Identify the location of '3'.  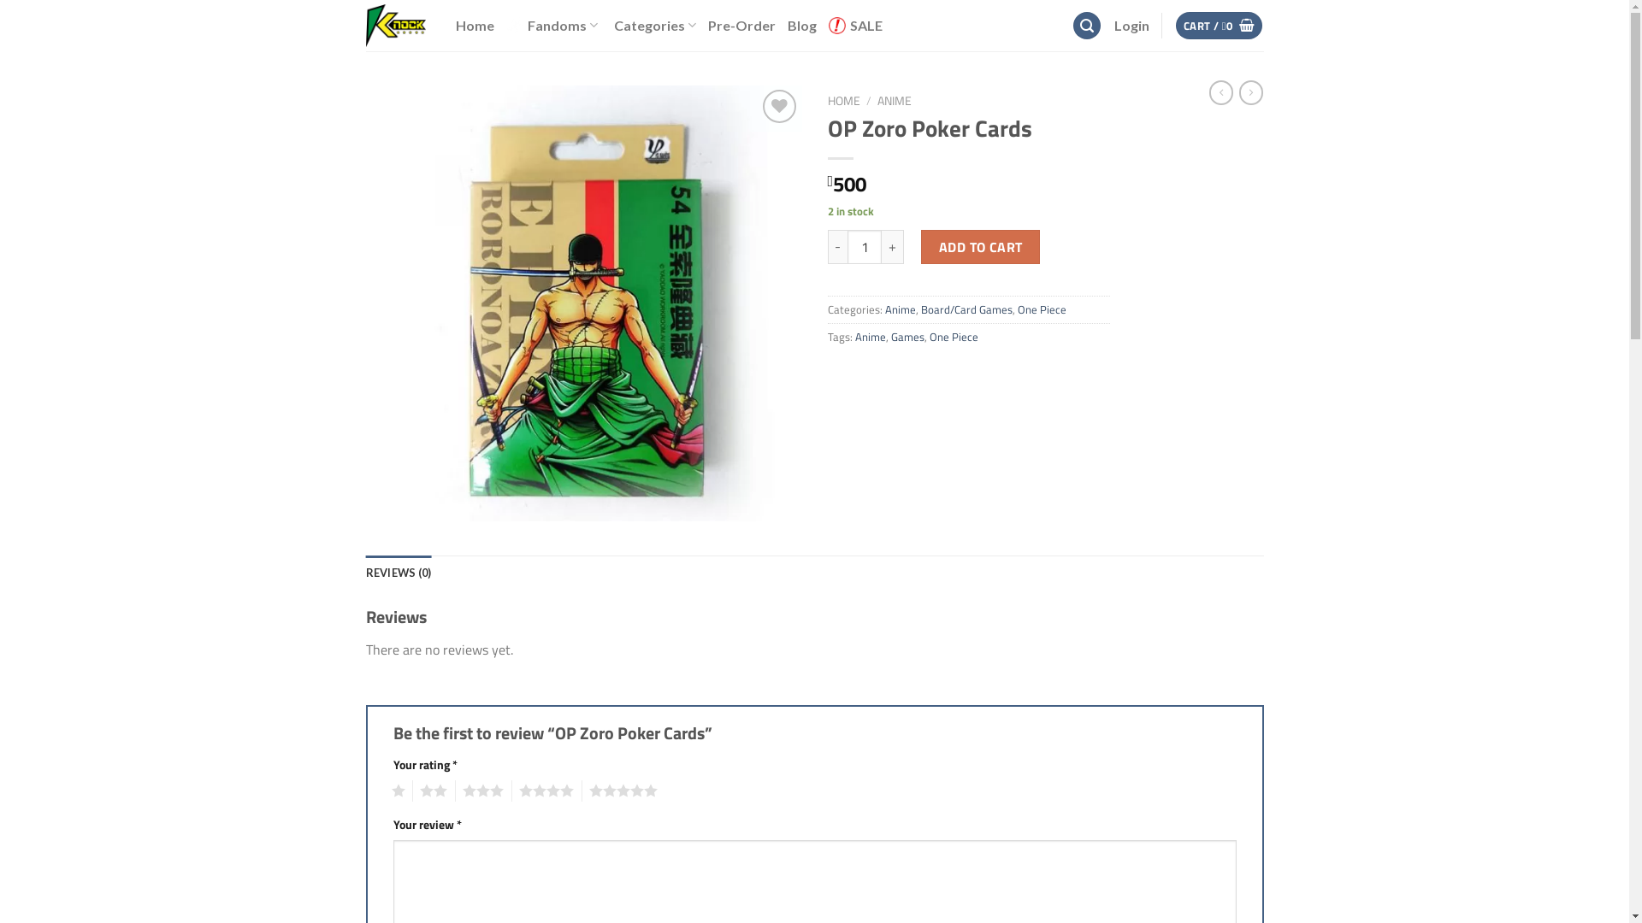
(479, 791).